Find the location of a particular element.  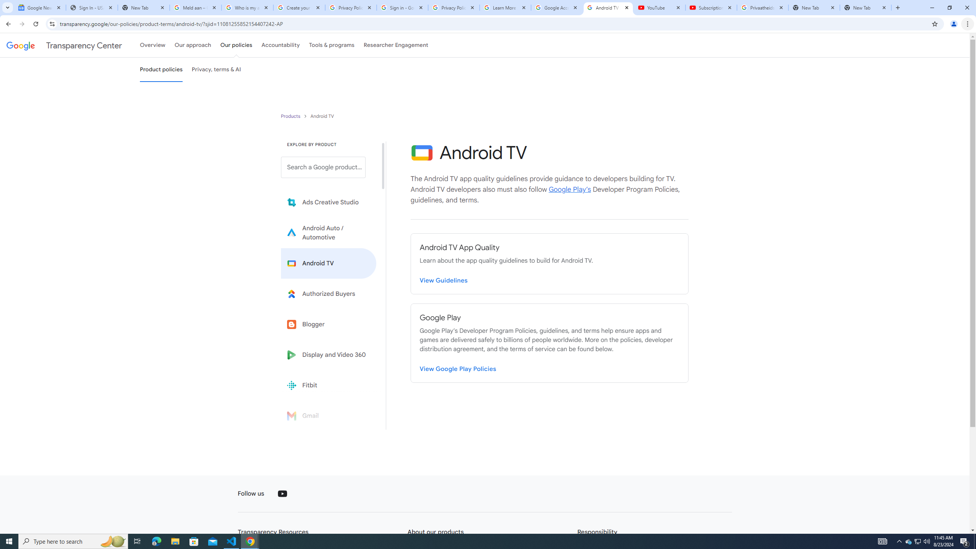

'Blogger' is located at coordinates (328, 324).